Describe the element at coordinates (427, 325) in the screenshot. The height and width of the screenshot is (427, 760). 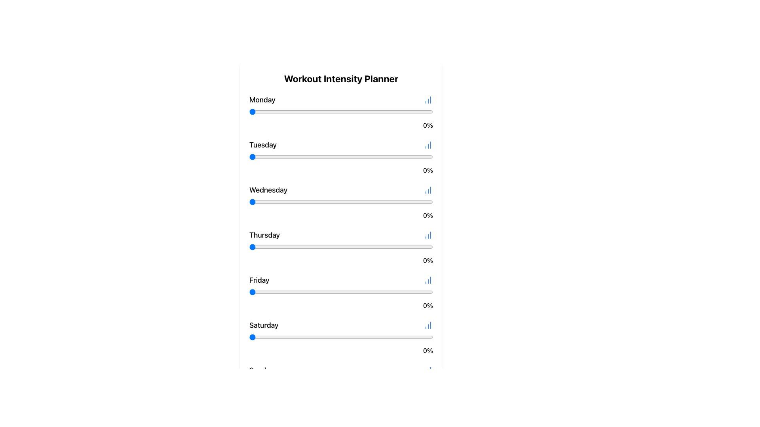
I see `the icon representing activity or progress for 'Saturday' in the 'Workout Intensity Planner' interface, located to the right of the 'Saturday' text` at that location.